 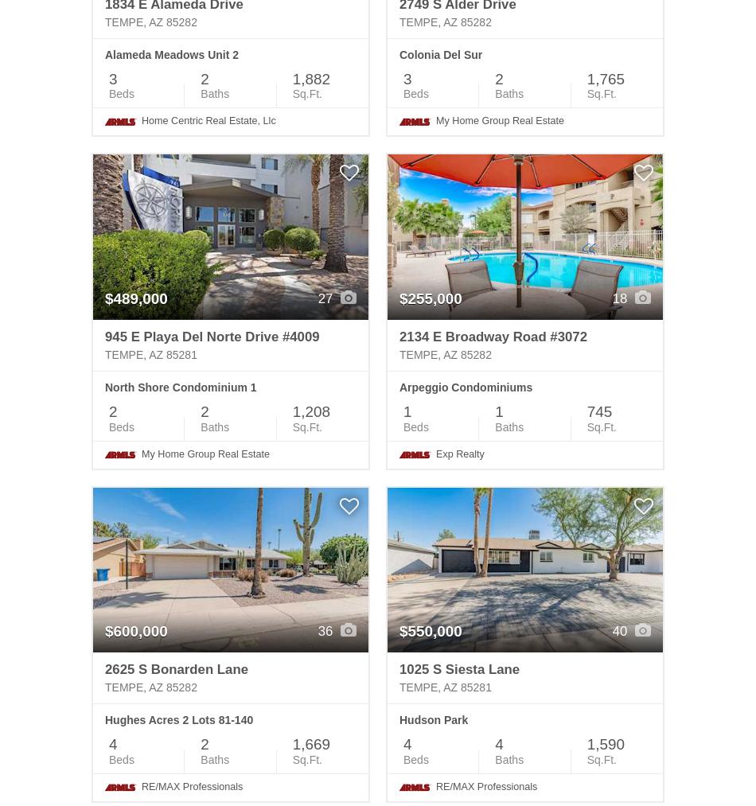 What do you see at coordinates (431, 298) in the screenshot?
I see `'$255,000'` at bounding box center [431, 298].